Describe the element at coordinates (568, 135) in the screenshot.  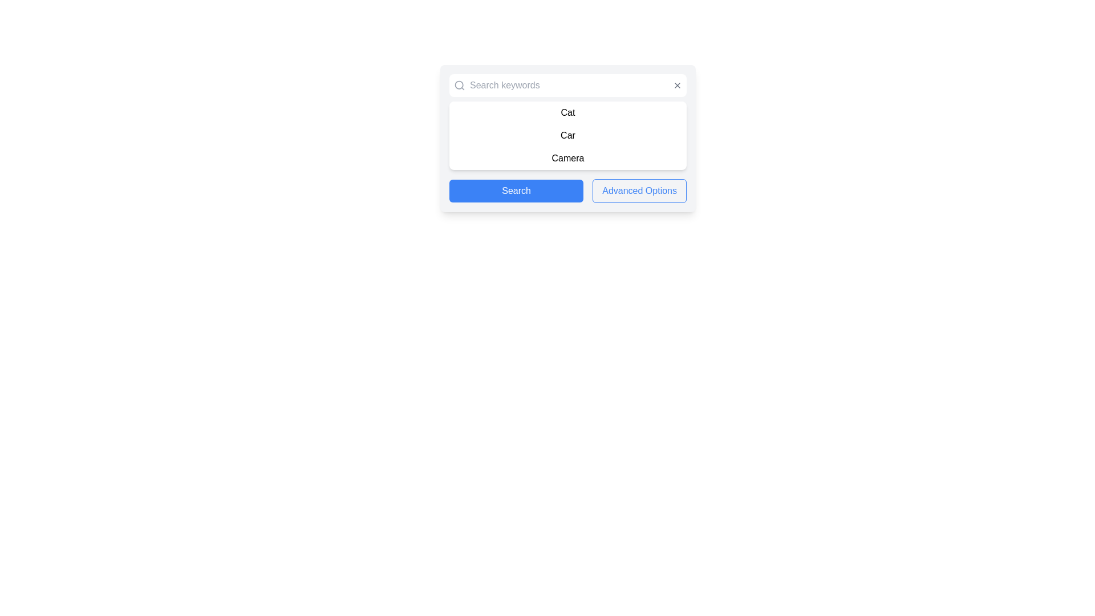
I see `the second item in the selectable list` at that location.